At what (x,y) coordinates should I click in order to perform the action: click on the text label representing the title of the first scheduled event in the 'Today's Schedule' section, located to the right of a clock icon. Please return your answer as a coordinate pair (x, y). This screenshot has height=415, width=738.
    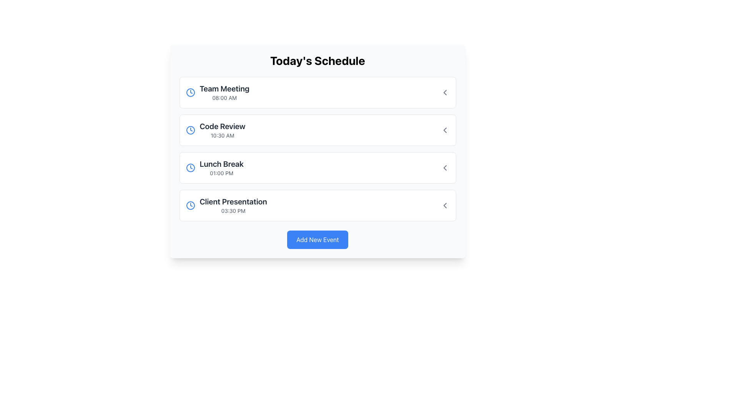
    Looking at the image, I should click on (224, 88).